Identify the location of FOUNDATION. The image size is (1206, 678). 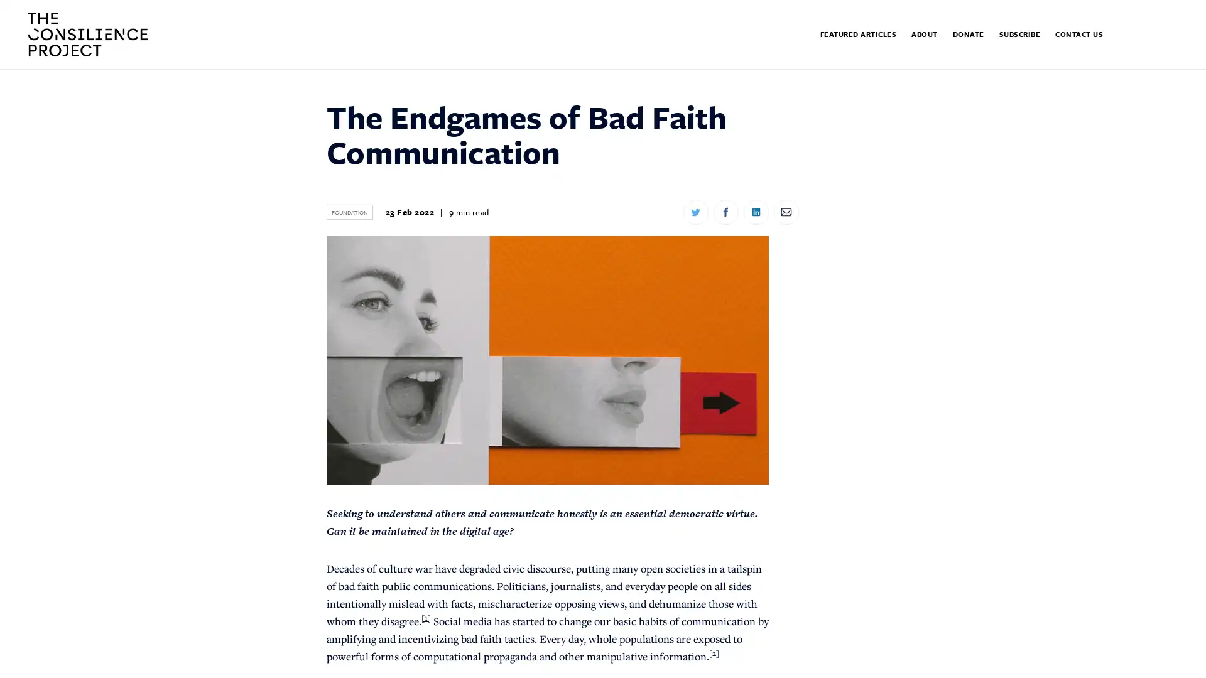
(349, 212).